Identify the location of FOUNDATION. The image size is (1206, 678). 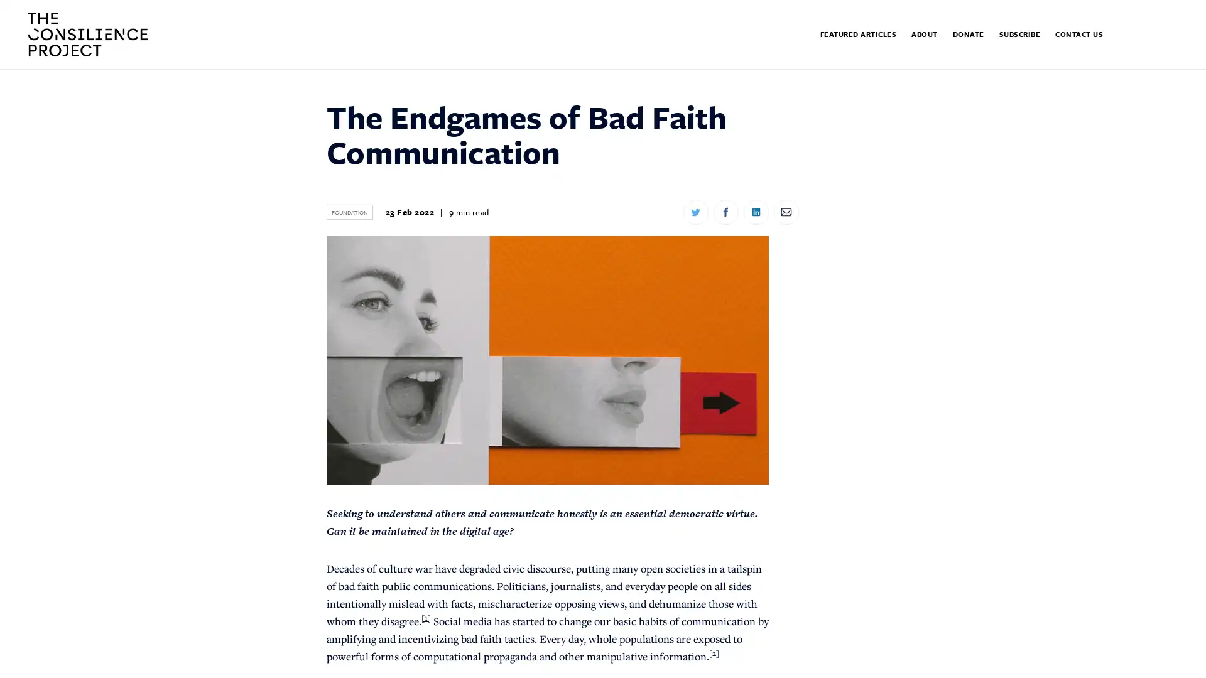
(349, 212).